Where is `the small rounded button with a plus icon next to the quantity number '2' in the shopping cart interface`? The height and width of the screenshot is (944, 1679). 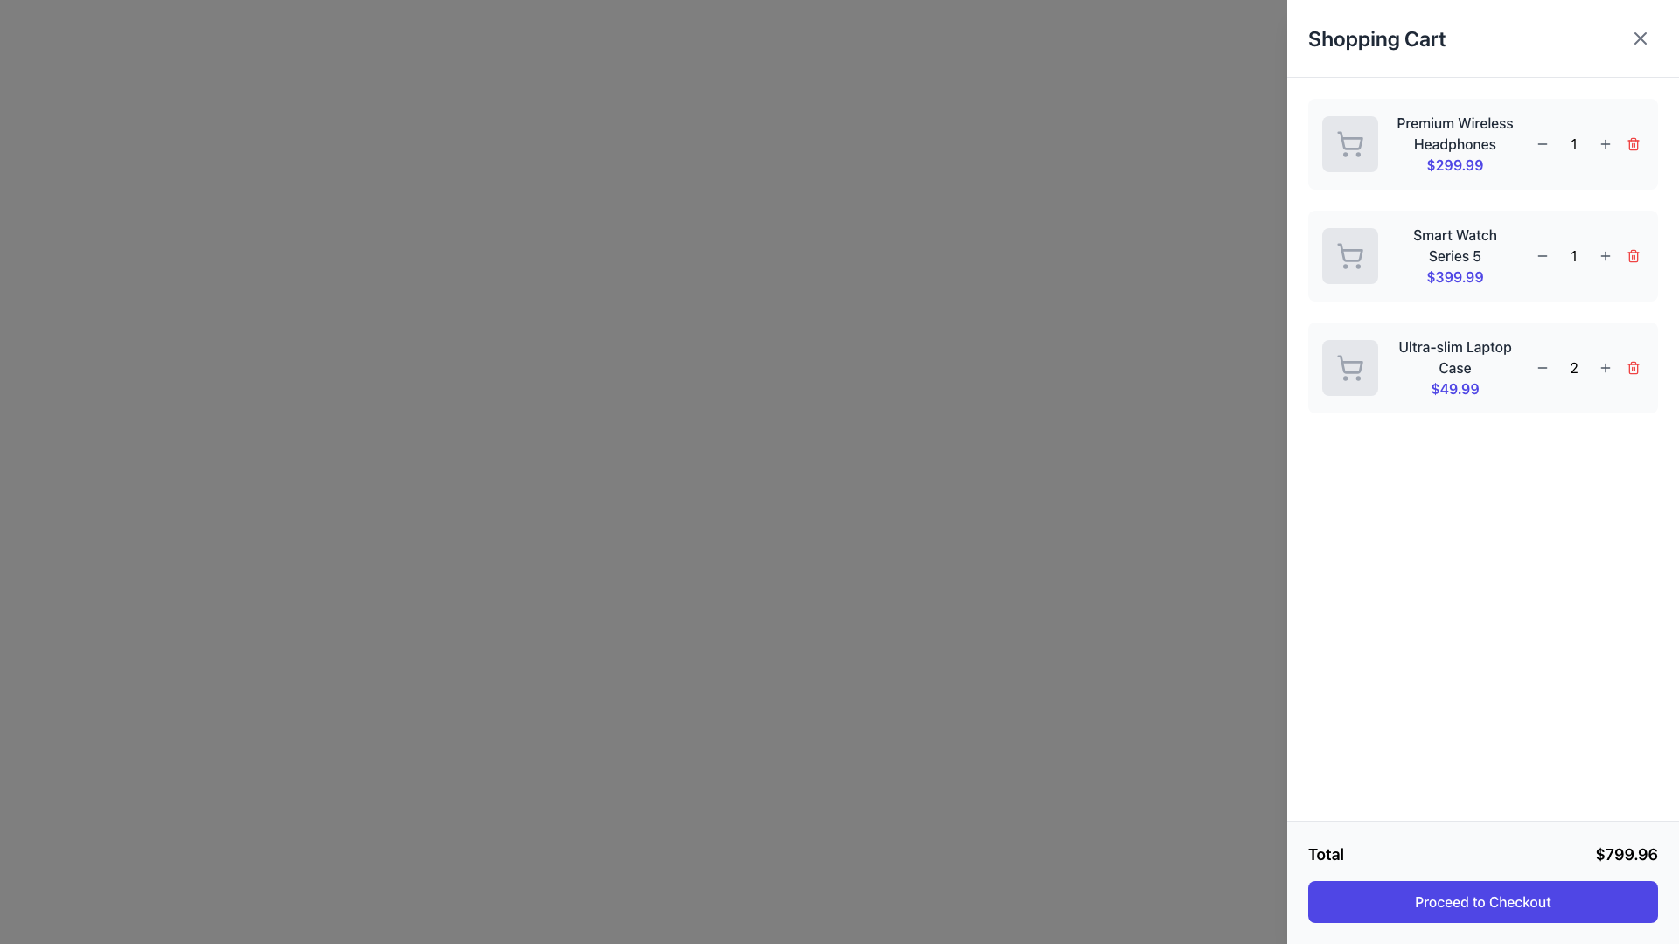
the small rounded button with a plus icon next to the quantity number '2' in the shopping cart interface is located at coordinates (1606, 366).